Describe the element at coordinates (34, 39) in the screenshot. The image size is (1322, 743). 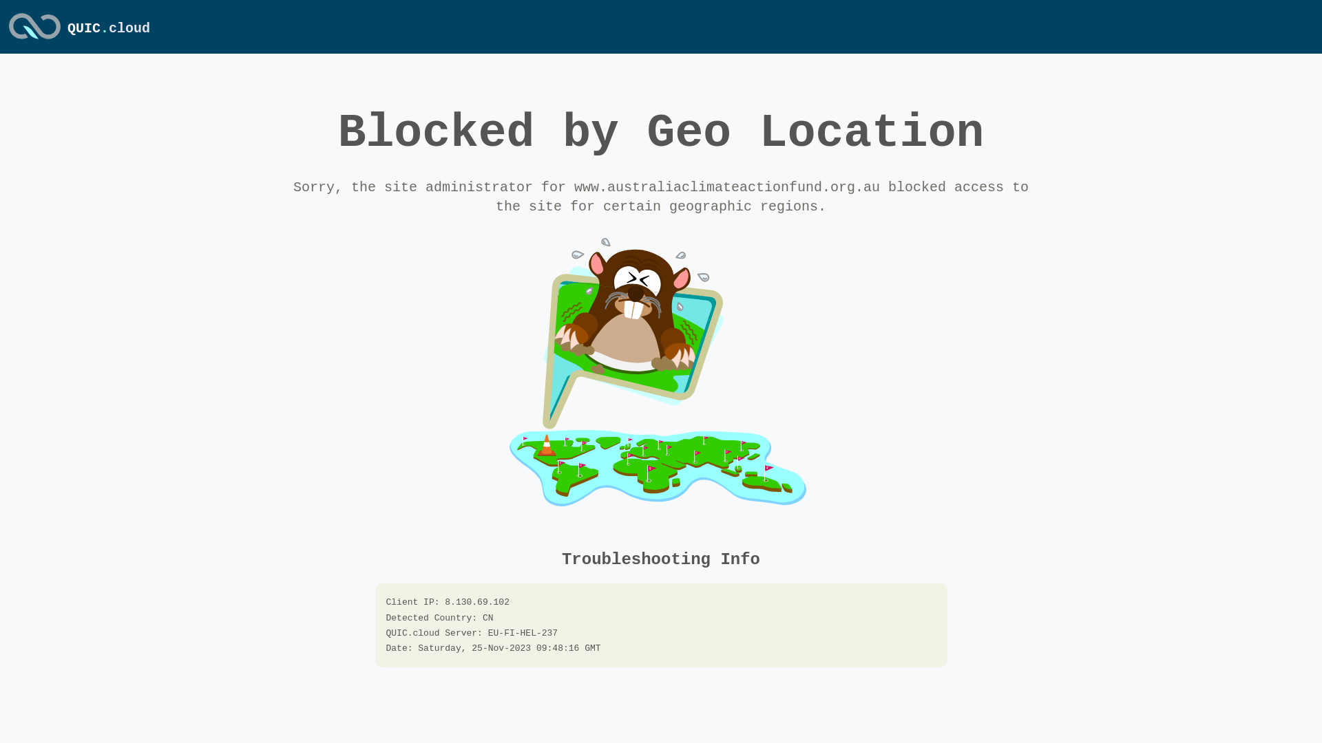
I see `'QUIC.cloud'` at that location.